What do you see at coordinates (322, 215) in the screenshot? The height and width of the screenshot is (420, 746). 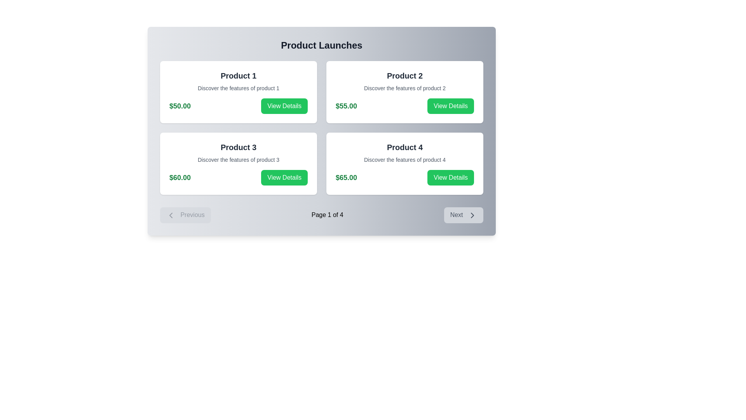 I see `page information displayed on the horizontal pagination control at the bottom of the product listing page, which shows 'Page 1 of 4'` at bounding box center [322, 215].